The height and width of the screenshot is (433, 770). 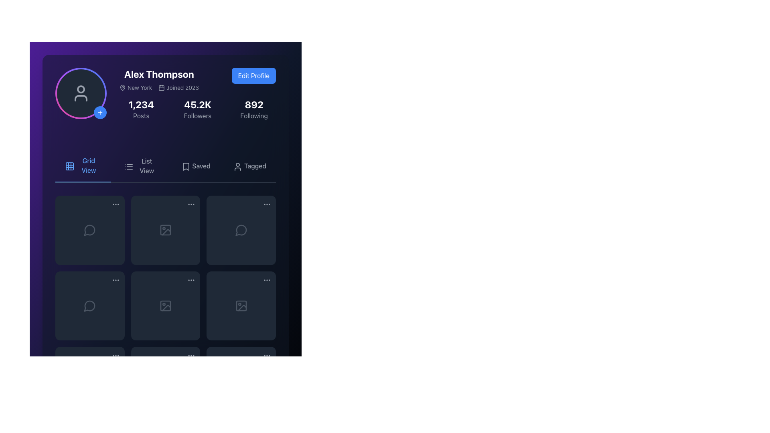 I want to click on the ellipses menu trigger button, which is a circular icon with three horizontally aligned dots located in the top-right corner of the second card in the third row of the grid layout, so click(x=115, y=280).